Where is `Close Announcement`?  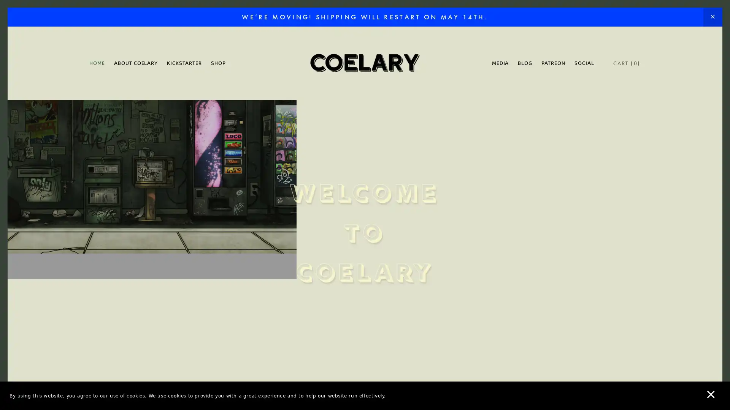 Close Announcement is located at coordinates (712, 17).